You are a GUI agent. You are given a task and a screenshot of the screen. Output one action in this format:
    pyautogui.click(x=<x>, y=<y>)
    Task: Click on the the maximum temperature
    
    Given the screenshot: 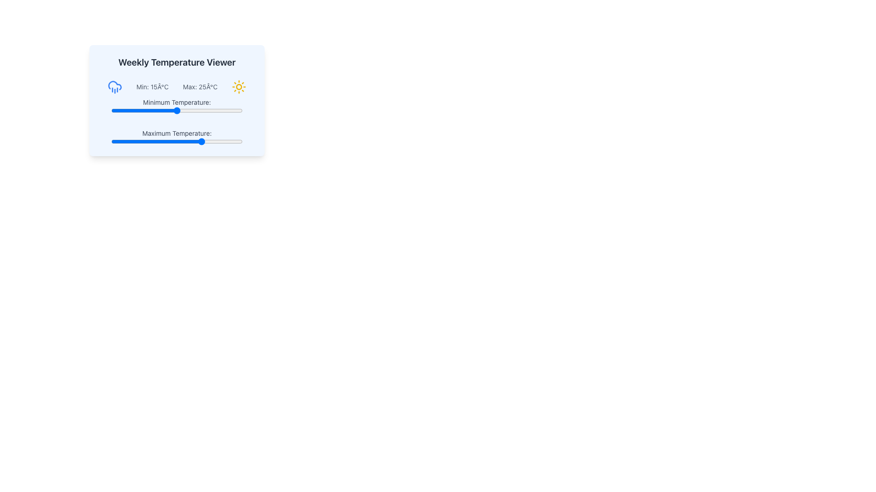 What is the action you would take?
    pyautogui.click(x=137, y=142)
    